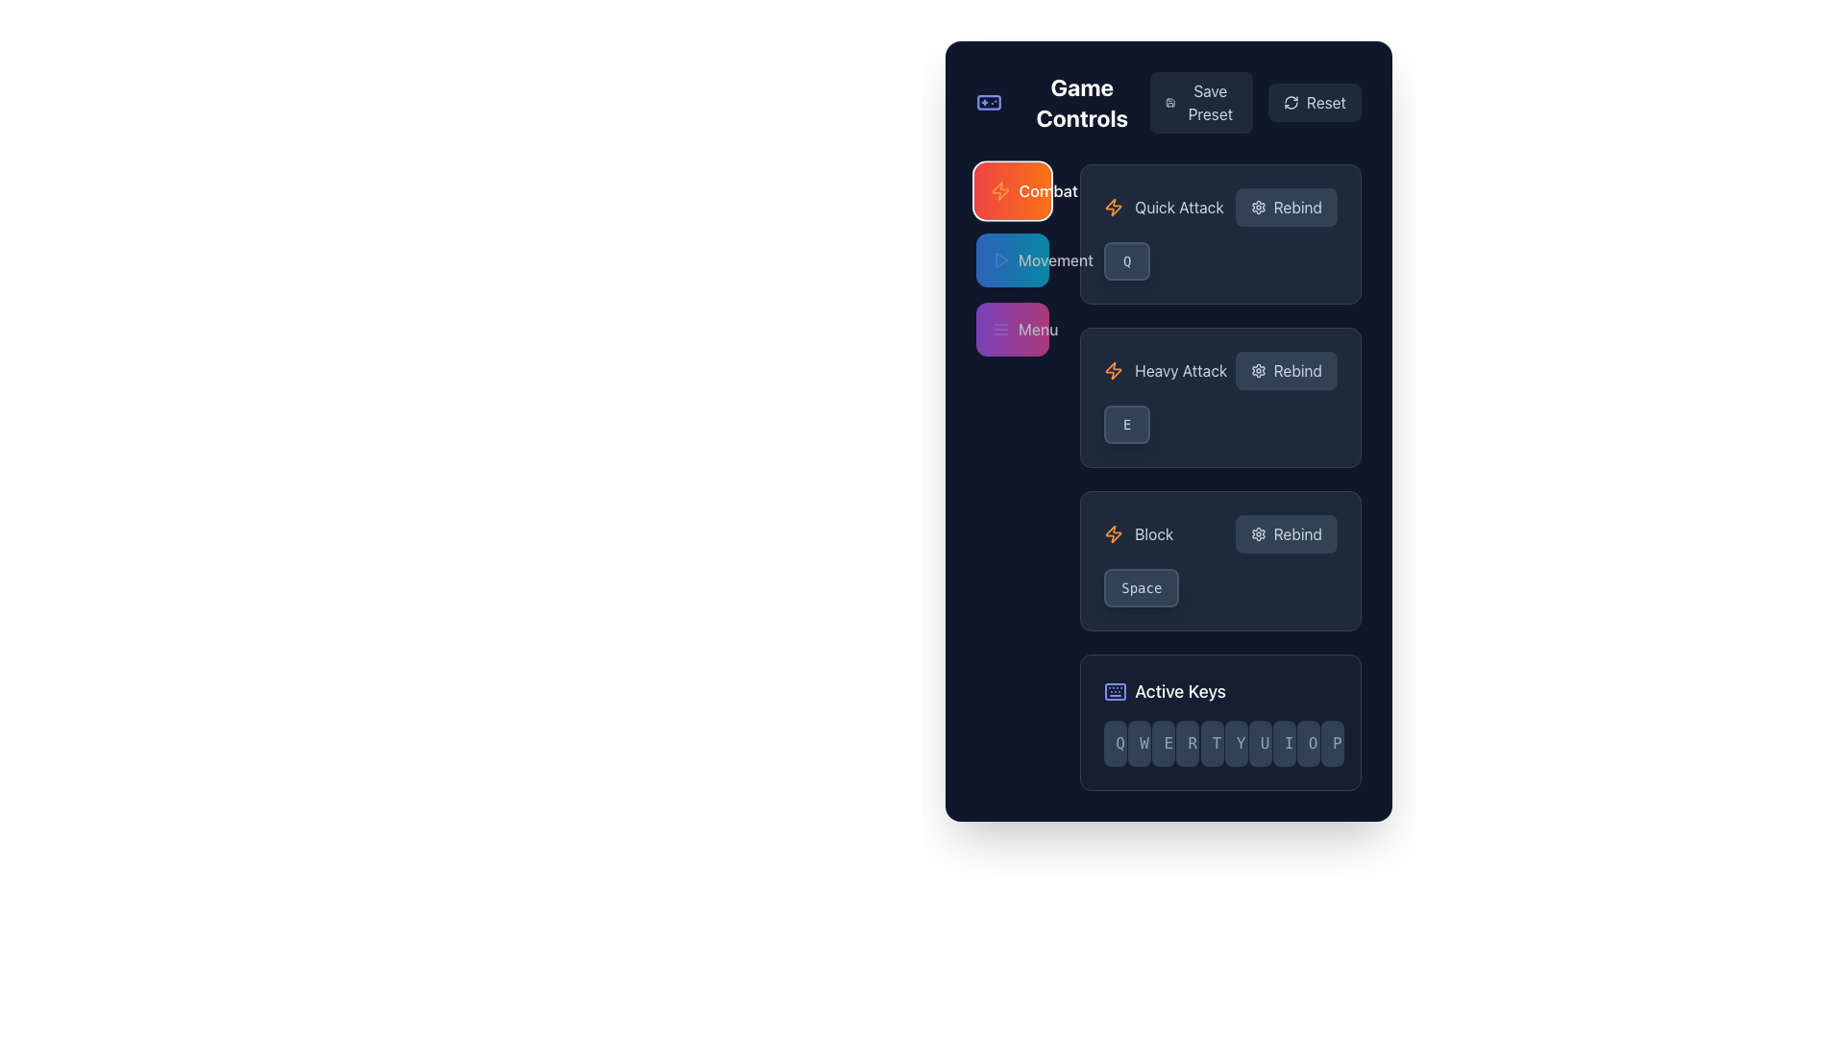 This screenshot has height=1038, width=1845. What do you see at coordinates (1291, 103) in the screenshot?
I see `the reset icon located in the top-right corner of the interface, which represents a reset or reload action` at bounding box center [1291, 103].